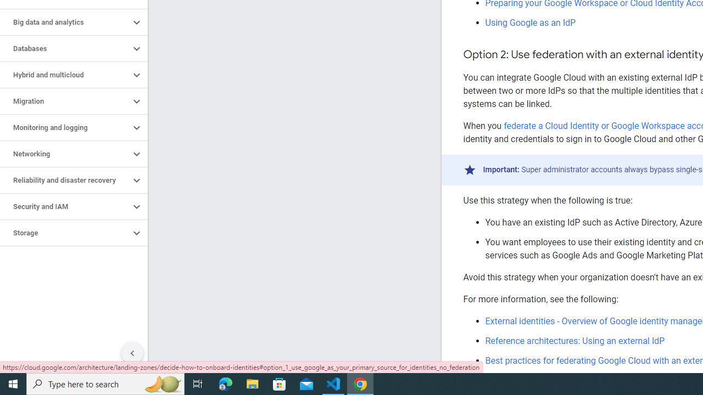  What do you see at coordinates (64, 101) in the screenshot?
I see `'Migration'` at bounding box center [64, 101].